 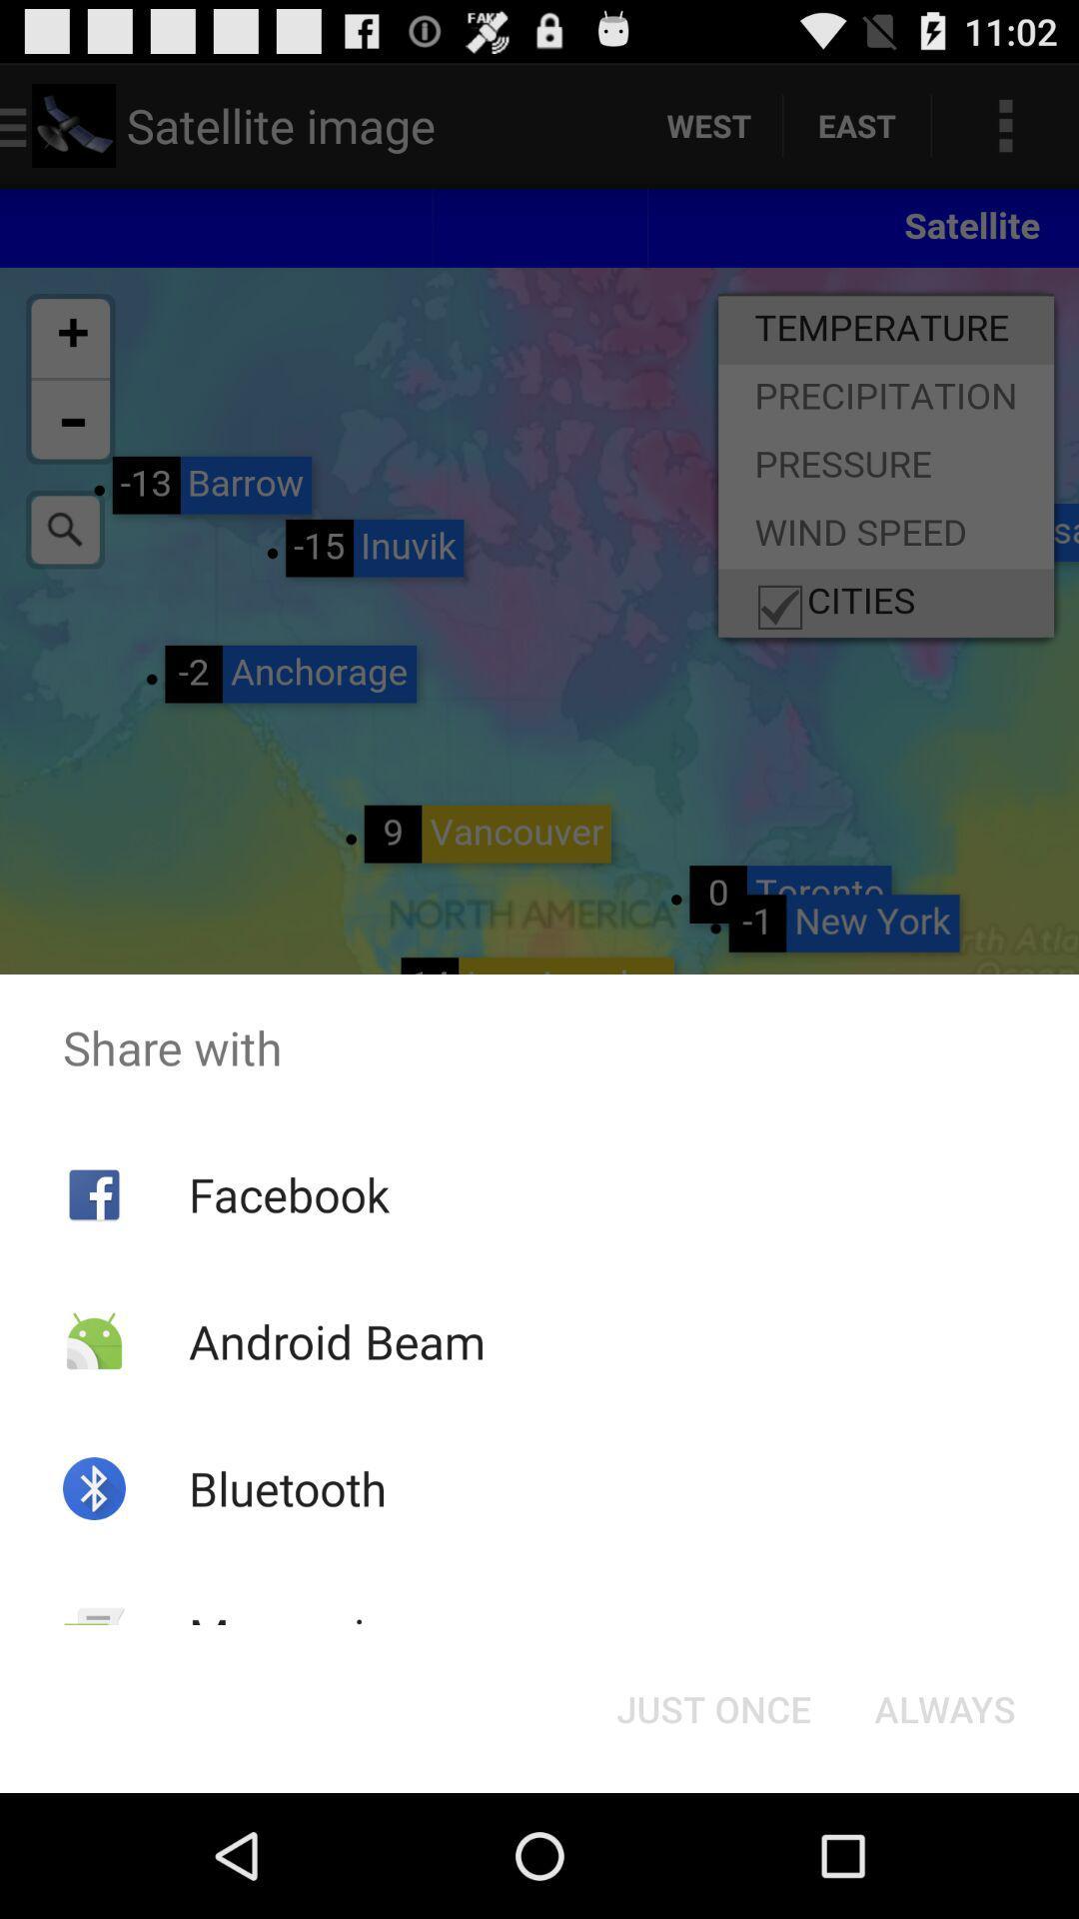 What do you see at coordinates (336, 1341) in the screenshot?
I see `the app below the facebook app` at bounding box center [336, 1341].